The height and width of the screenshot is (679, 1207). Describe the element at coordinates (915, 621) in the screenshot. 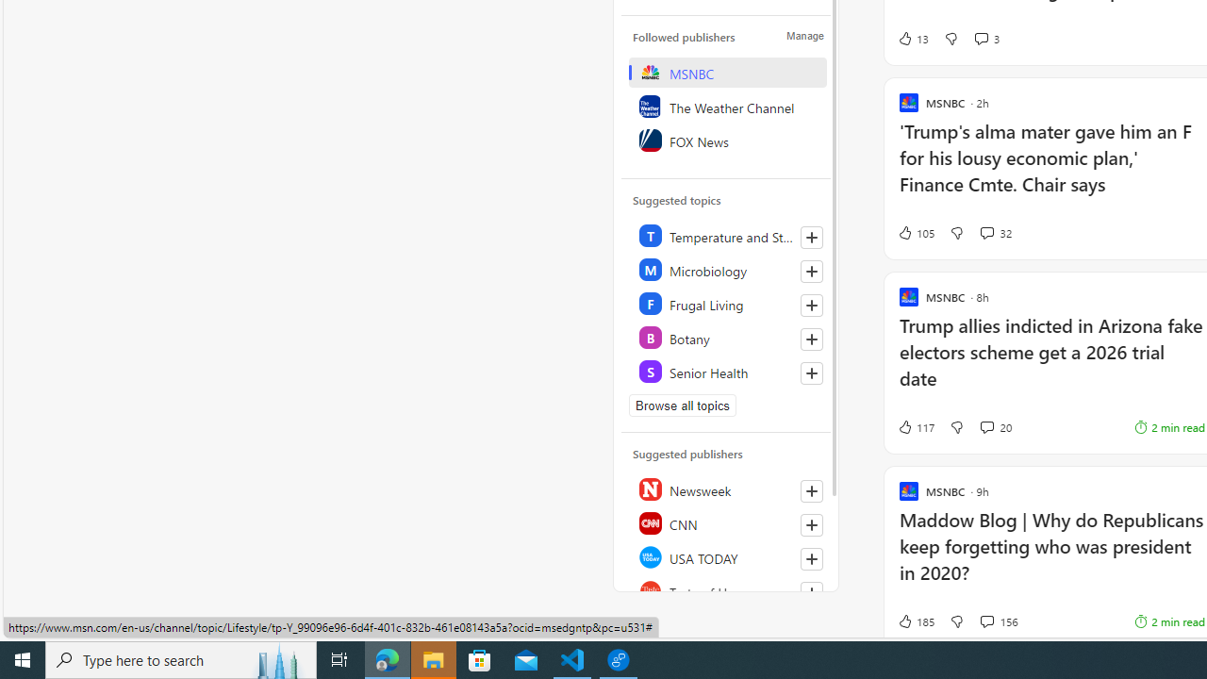

I see `'185 Like'` at that location.